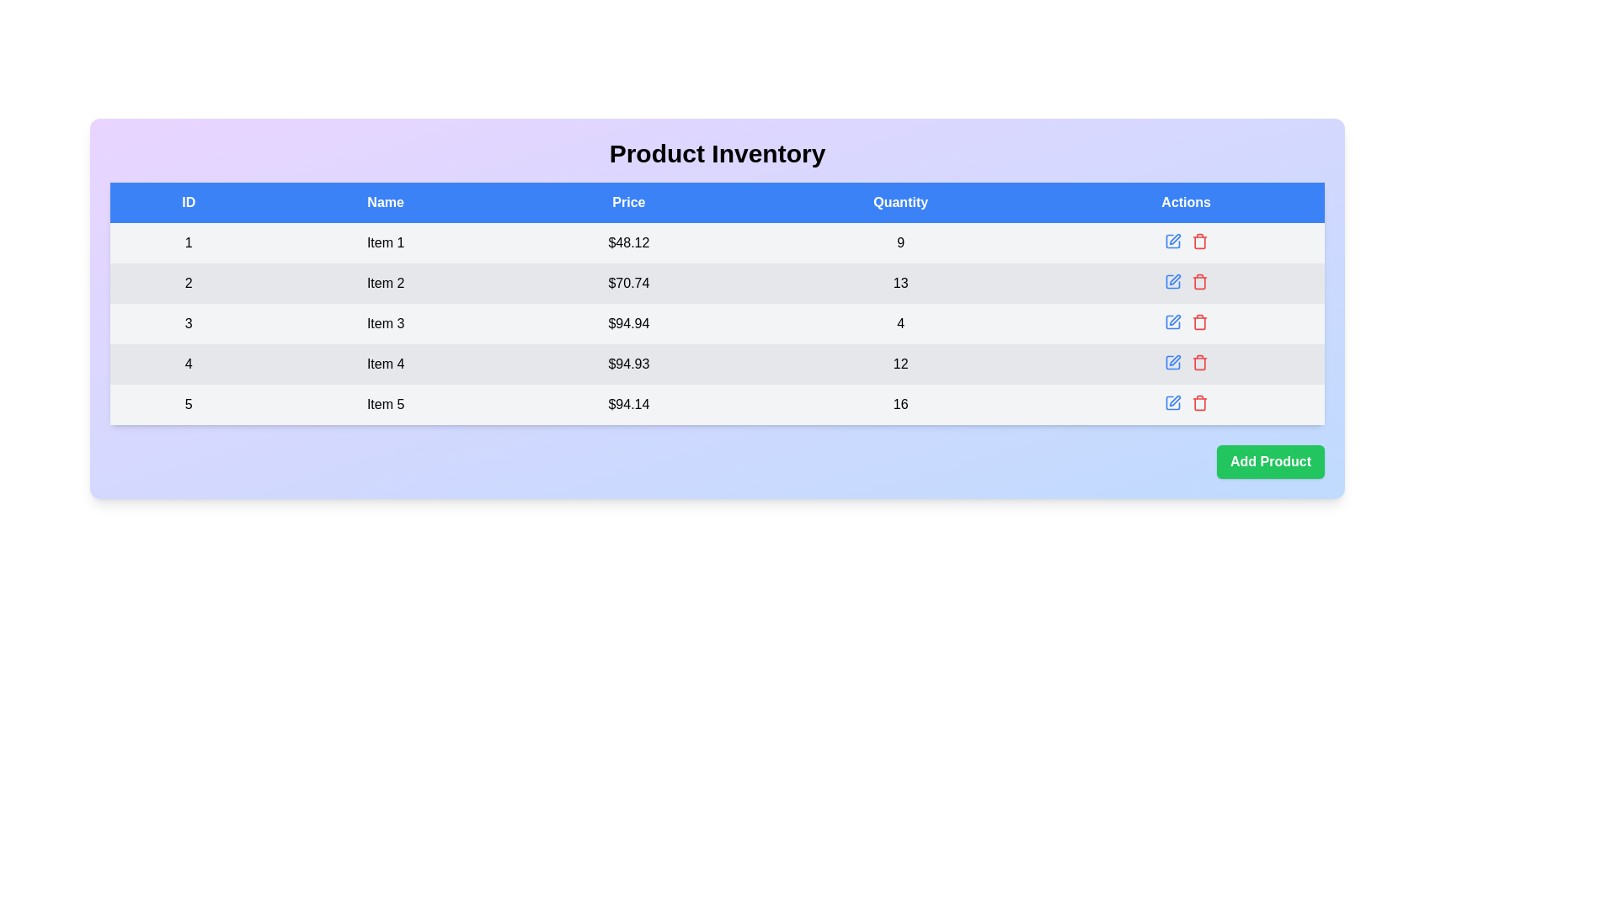 This screenshot has height=909, width=1617. Describe the element at coordinates (1198, 241) in the screenshot. I see `the trash icon` at that location.